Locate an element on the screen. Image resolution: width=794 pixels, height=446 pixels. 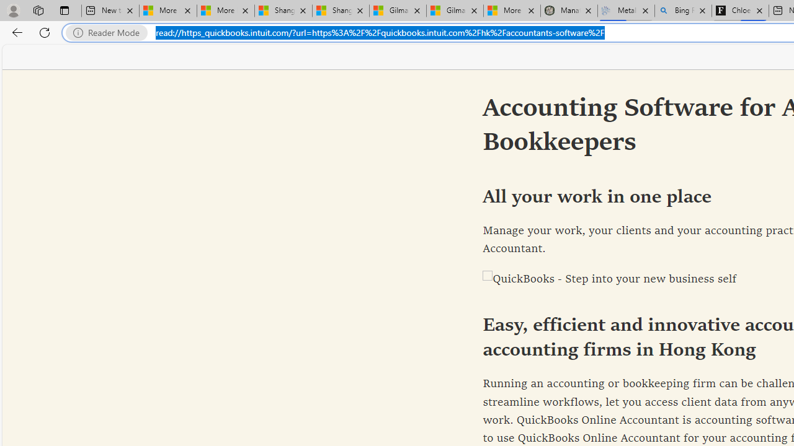
'Bing Real Estate - Home sales and rental listings' is located at coordinates (682, 11).